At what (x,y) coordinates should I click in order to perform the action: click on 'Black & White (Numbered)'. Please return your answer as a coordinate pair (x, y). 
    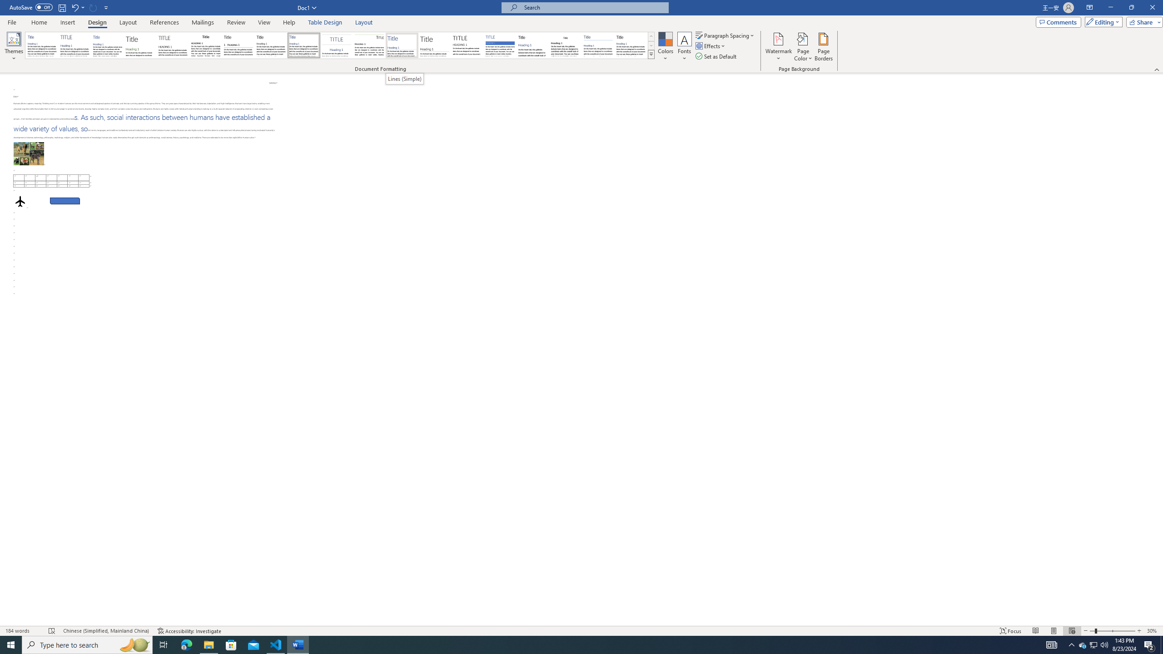
    Looking at the image, I should click on (238, 45).